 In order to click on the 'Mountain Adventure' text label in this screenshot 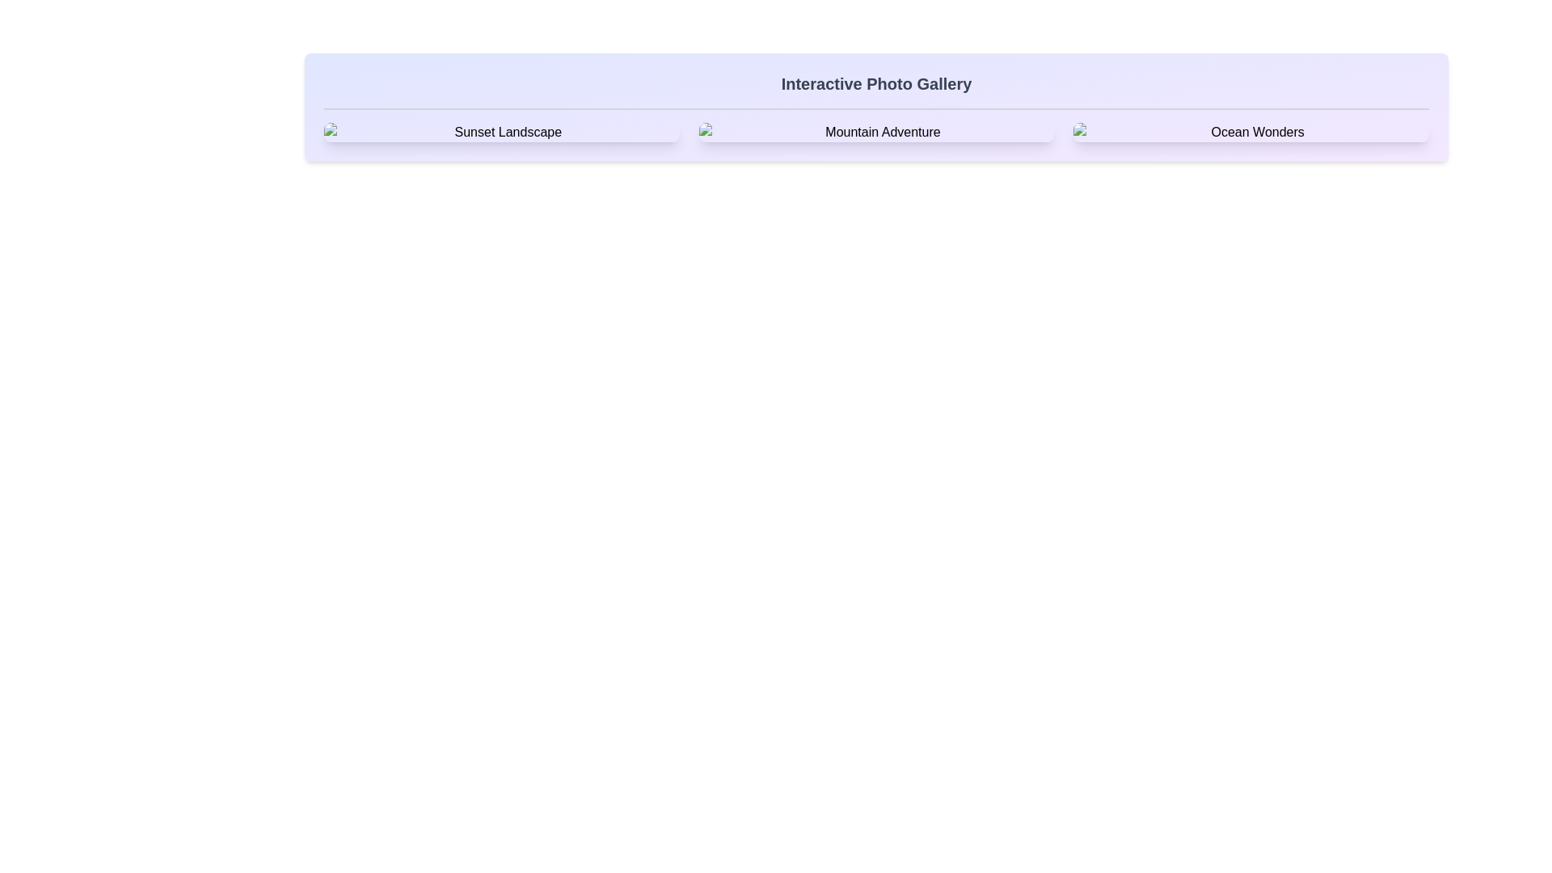, I will do `click(875, 132)`.